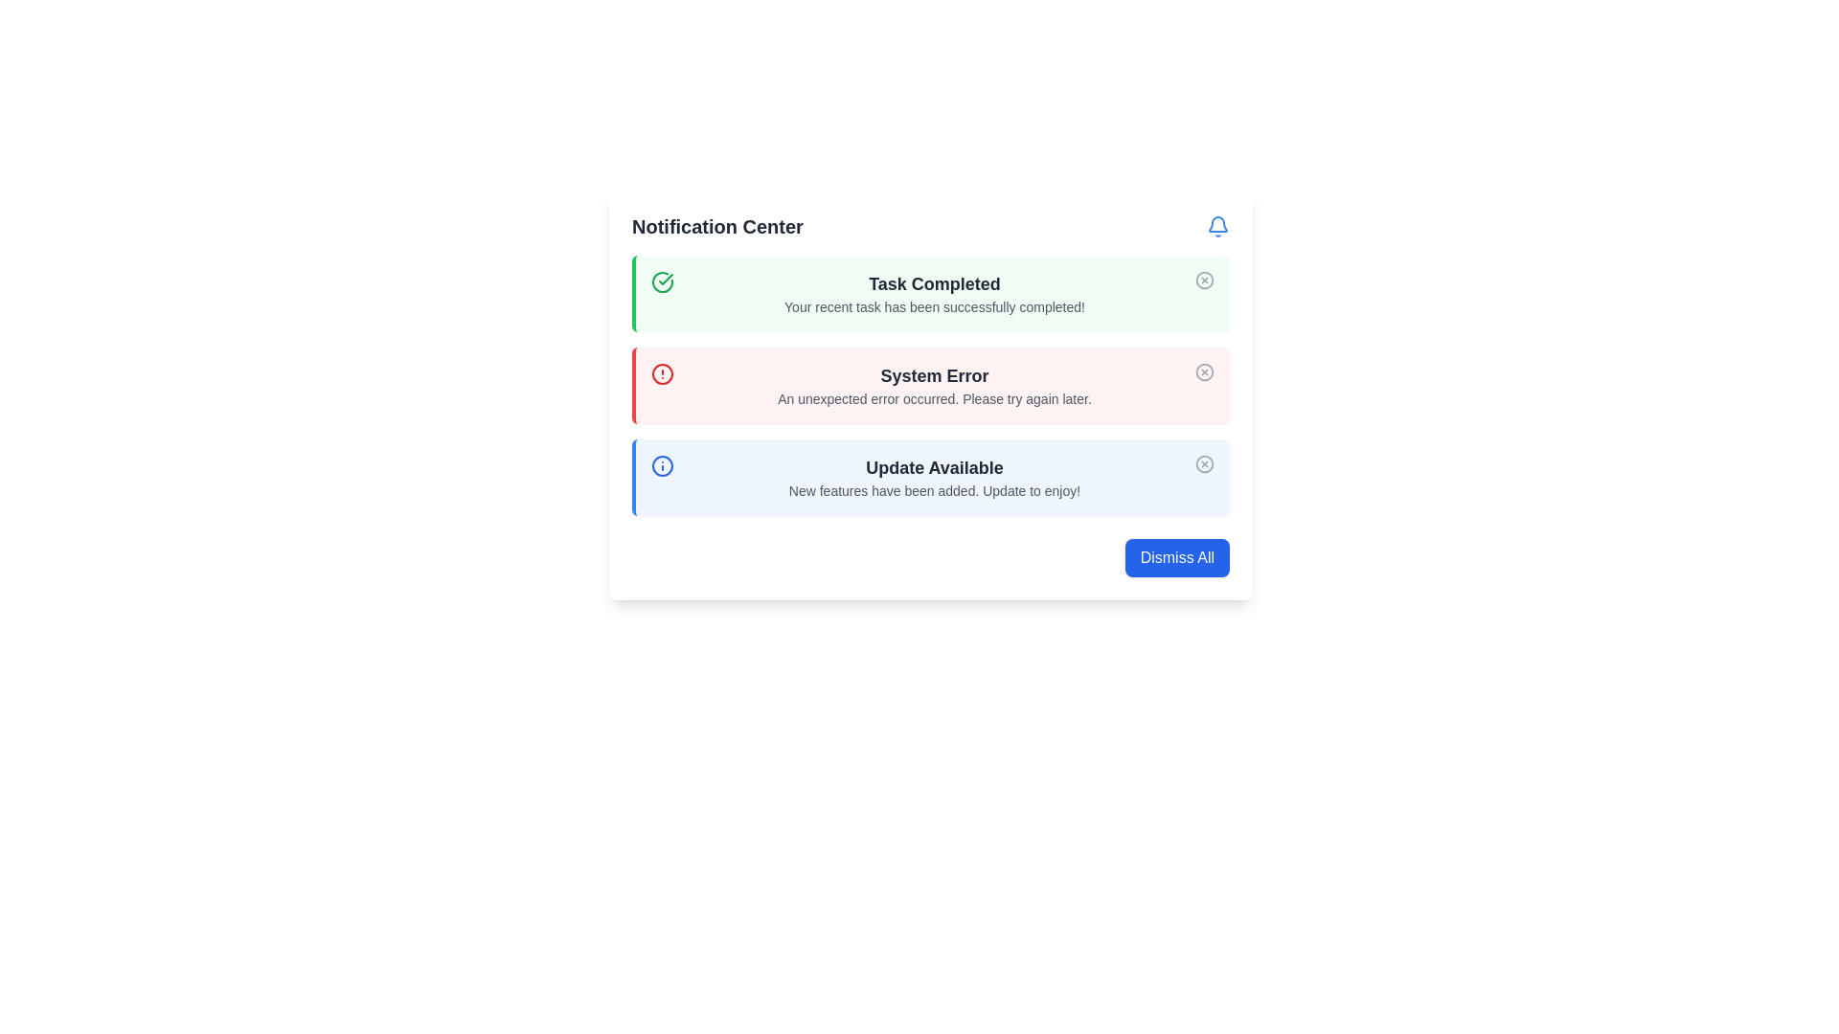 The width and height of the screenshot is (1839, 1034). What do you see at coordinates (1176, 557) in the screenshot?
I see `the 'Dismiss All' button with a blue background and white text, located at the bottom-right corner of the 'Notification Center' card to observe styling changes` at bounding box center [1176, 557].